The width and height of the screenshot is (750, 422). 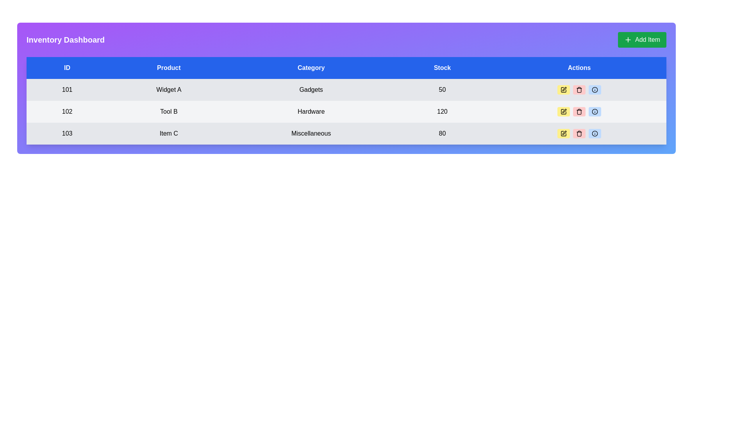 What do you see at coordinates (346, 111) in the screenshot?
I see `the individual cell in the second row of the inventory table for editing` at bounding box center [346, 111].